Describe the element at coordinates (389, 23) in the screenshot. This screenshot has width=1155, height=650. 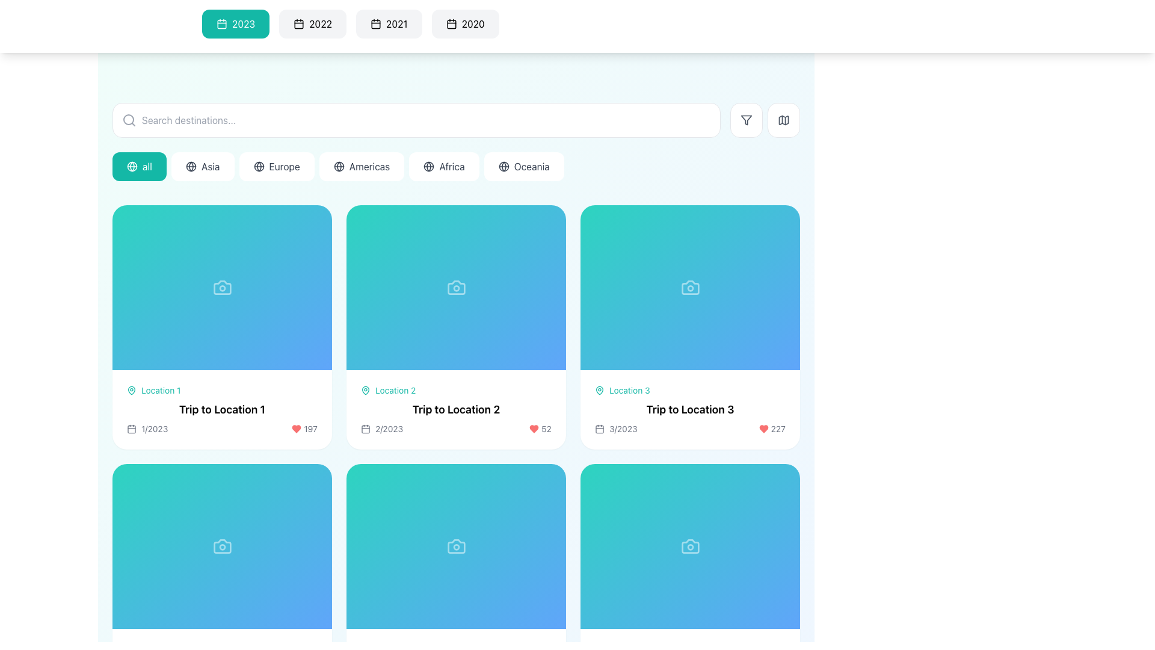
I see `the button with the calendar icon and the text '2021'` at that location.